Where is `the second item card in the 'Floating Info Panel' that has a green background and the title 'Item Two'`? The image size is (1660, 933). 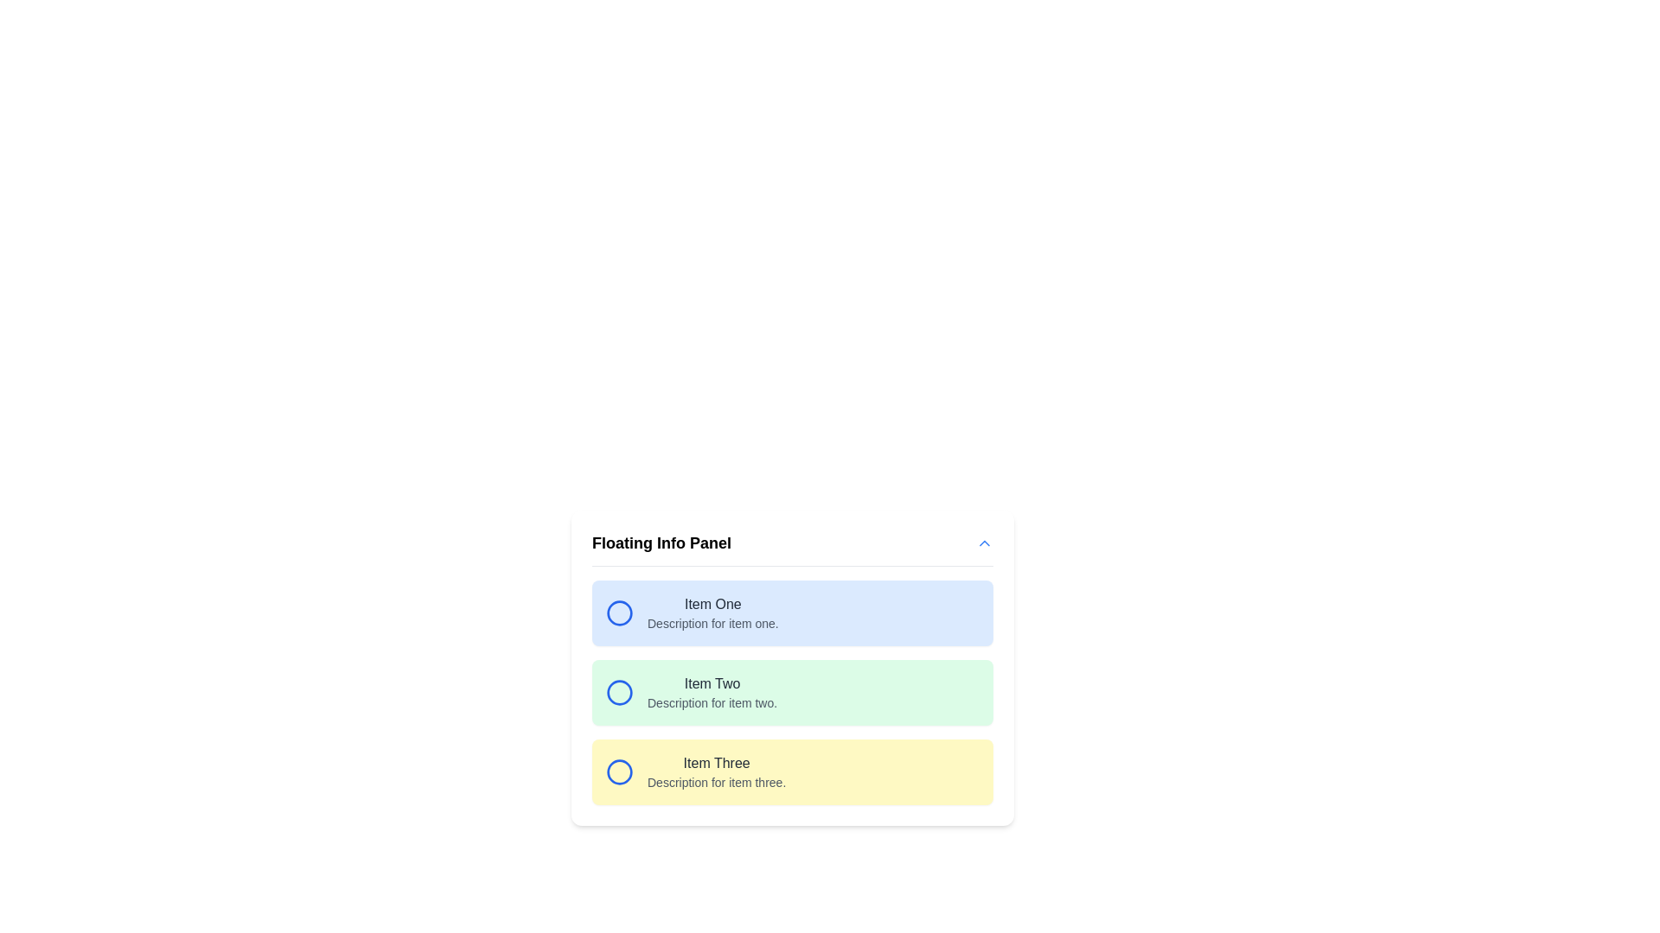 the second item card in the 'Floating Info Panel' that has a green background and the title 'Item Two' is located at coordinates (791, 692).